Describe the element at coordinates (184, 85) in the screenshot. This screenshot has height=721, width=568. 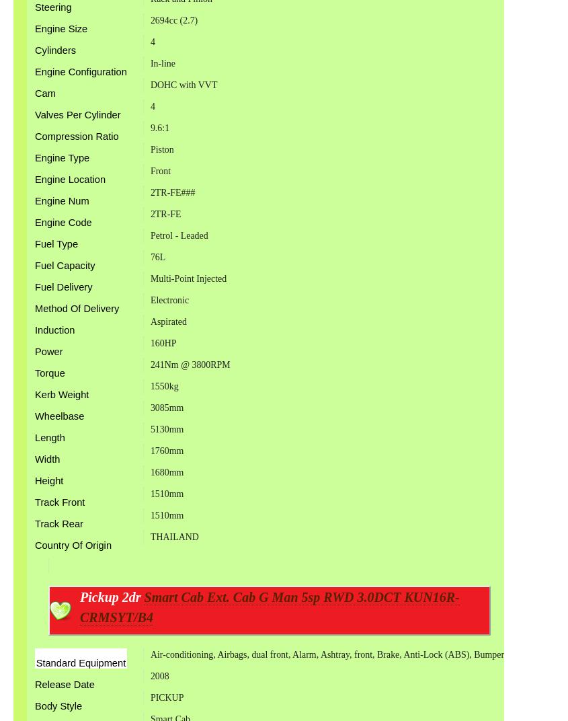
I see `'DOHC with VVT'` at that location.